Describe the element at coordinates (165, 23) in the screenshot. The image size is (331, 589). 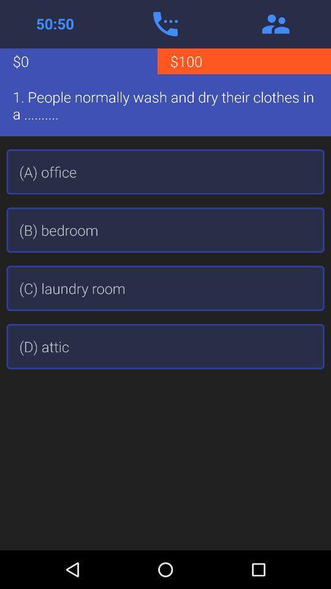
I see `phone a friend` at that location.